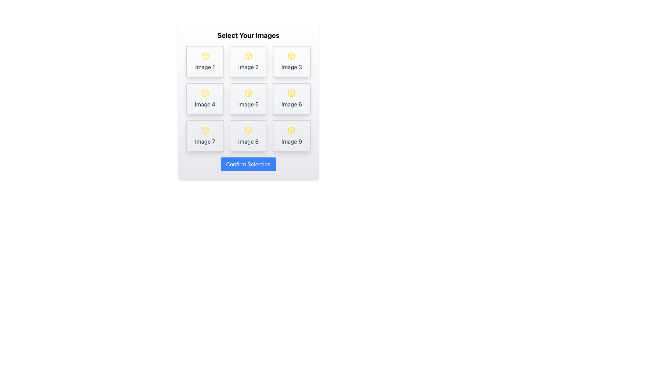  What do you see at coordinates (204, 93) in the screenshot?
I see `the yellow box icon labeled 'Image 4'` at bounding box center [204, 93].